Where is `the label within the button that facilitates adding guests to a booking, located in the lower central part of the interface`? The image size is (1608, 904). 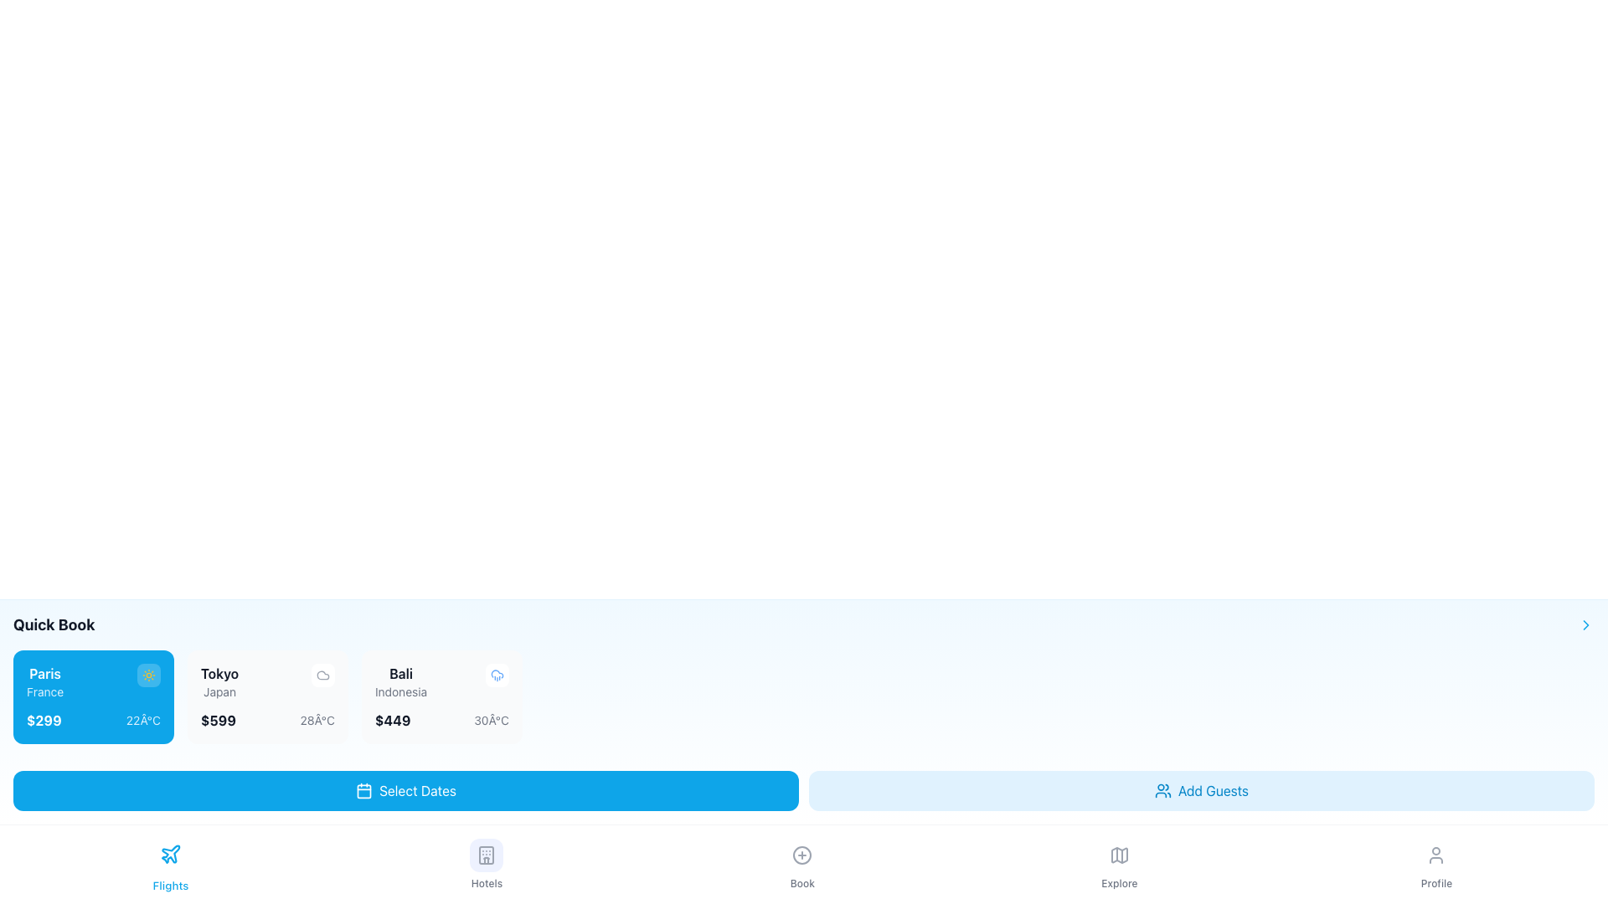 the label within the button that facilitates adding guests to a booking, located in the lower central part of the interface is located at coordinates (1214, 791).